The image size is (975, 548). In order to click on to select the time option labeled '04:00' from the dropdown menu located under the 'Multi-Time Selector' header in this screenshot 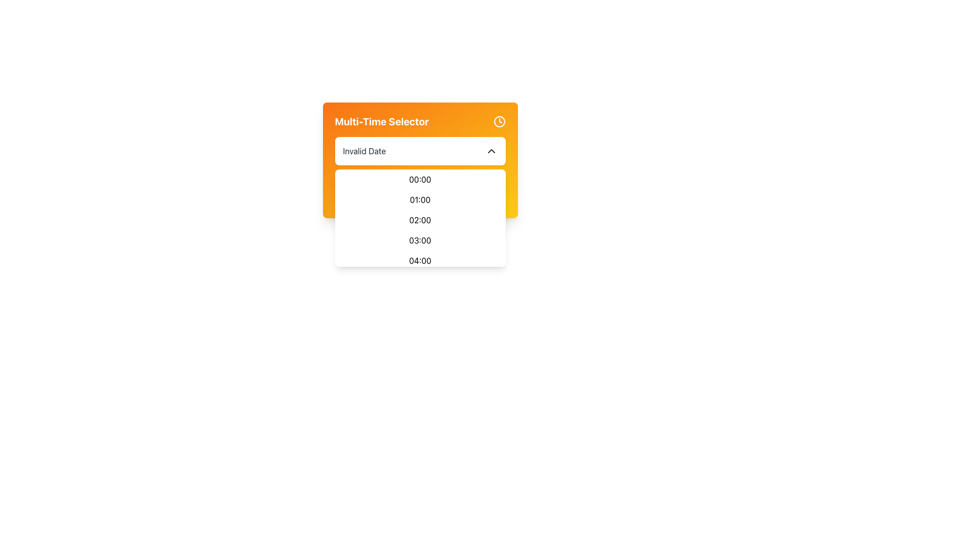, I will do `click(420, 260)`.